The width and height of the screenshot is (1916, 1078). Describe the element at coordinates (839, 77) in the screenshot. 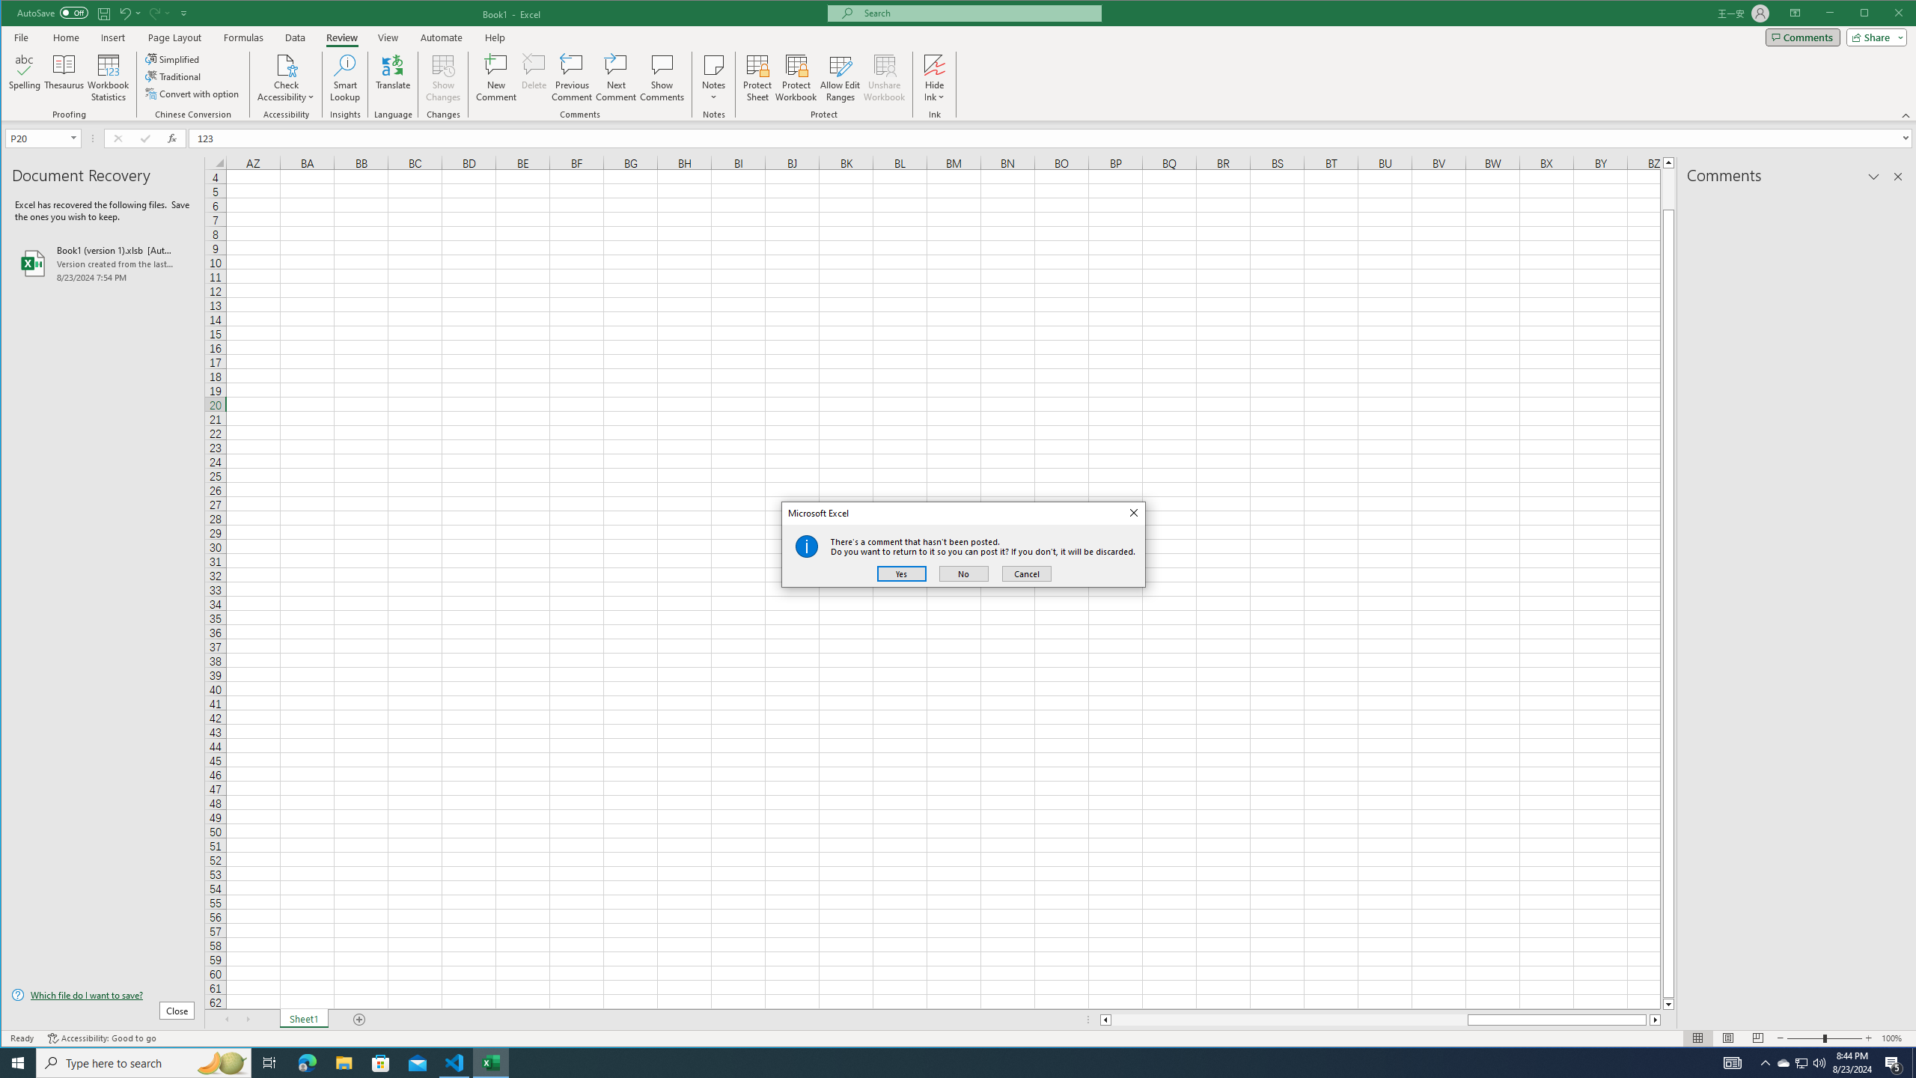

I see `'Allow Edit Ranges'` at that location.